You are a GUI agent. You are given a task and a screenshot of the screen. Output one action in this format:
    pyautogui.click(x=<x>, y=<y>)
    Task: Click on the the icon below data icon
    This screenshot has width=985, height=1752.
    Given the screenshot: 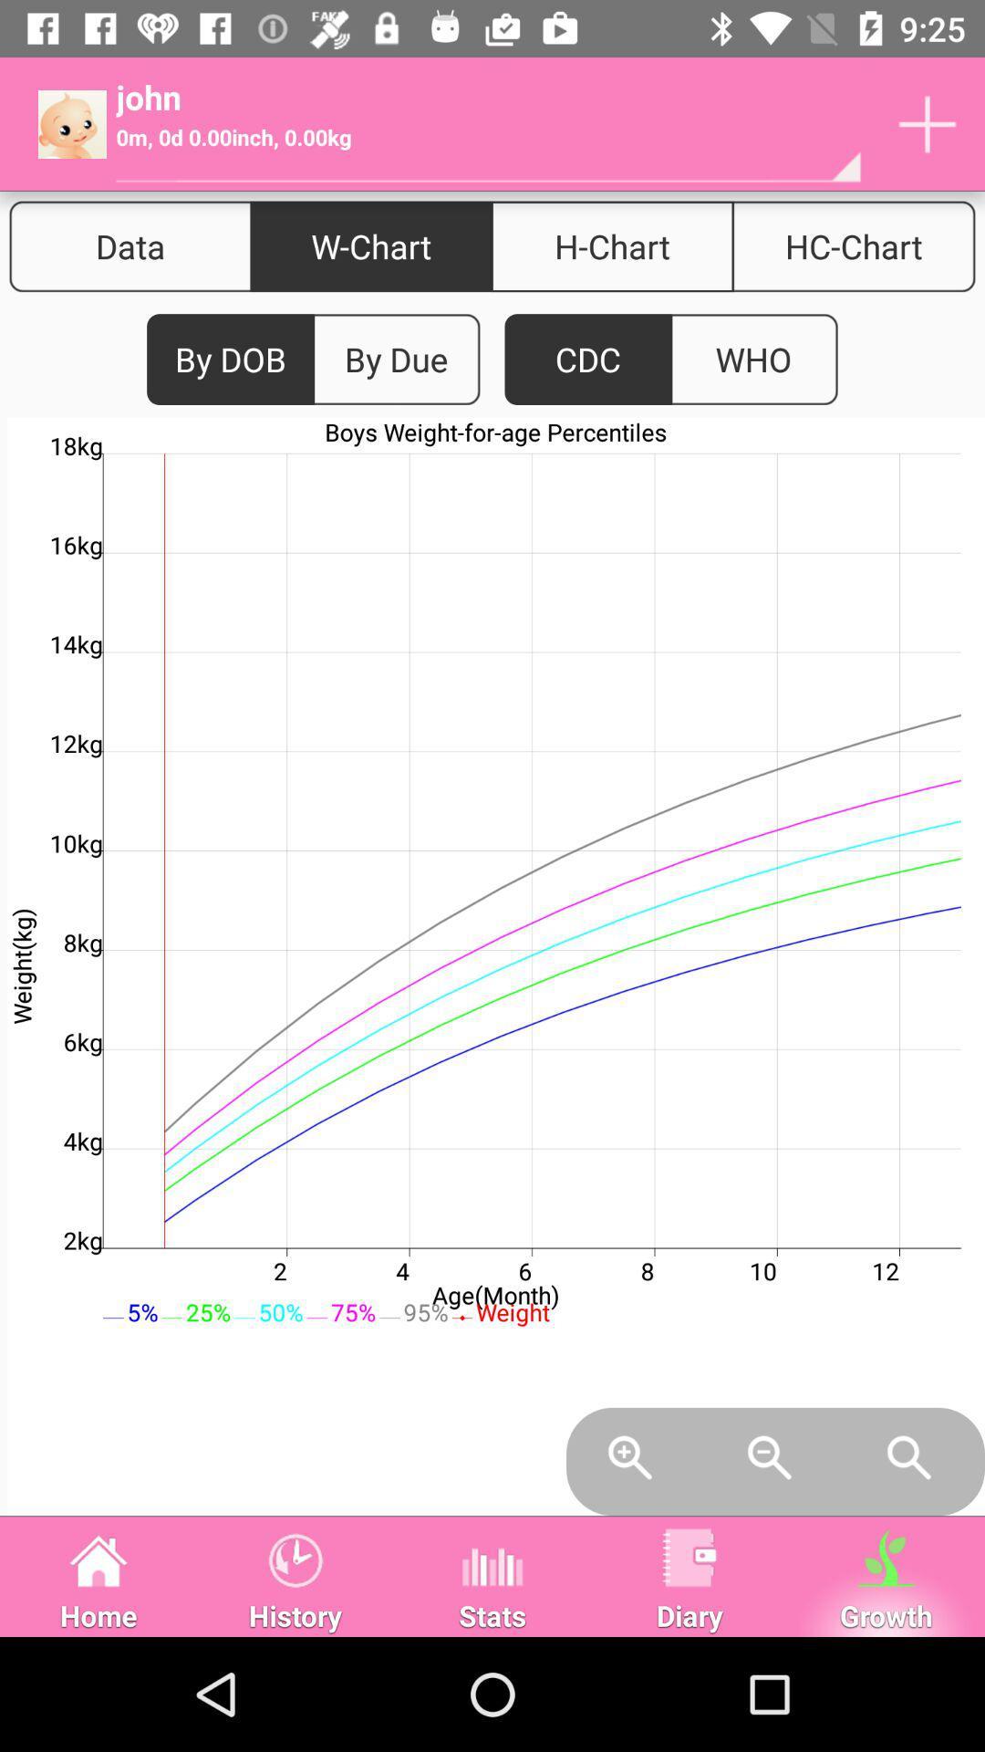 What is the action you would take?
    pyautogui.click(x=230, y=360)
    